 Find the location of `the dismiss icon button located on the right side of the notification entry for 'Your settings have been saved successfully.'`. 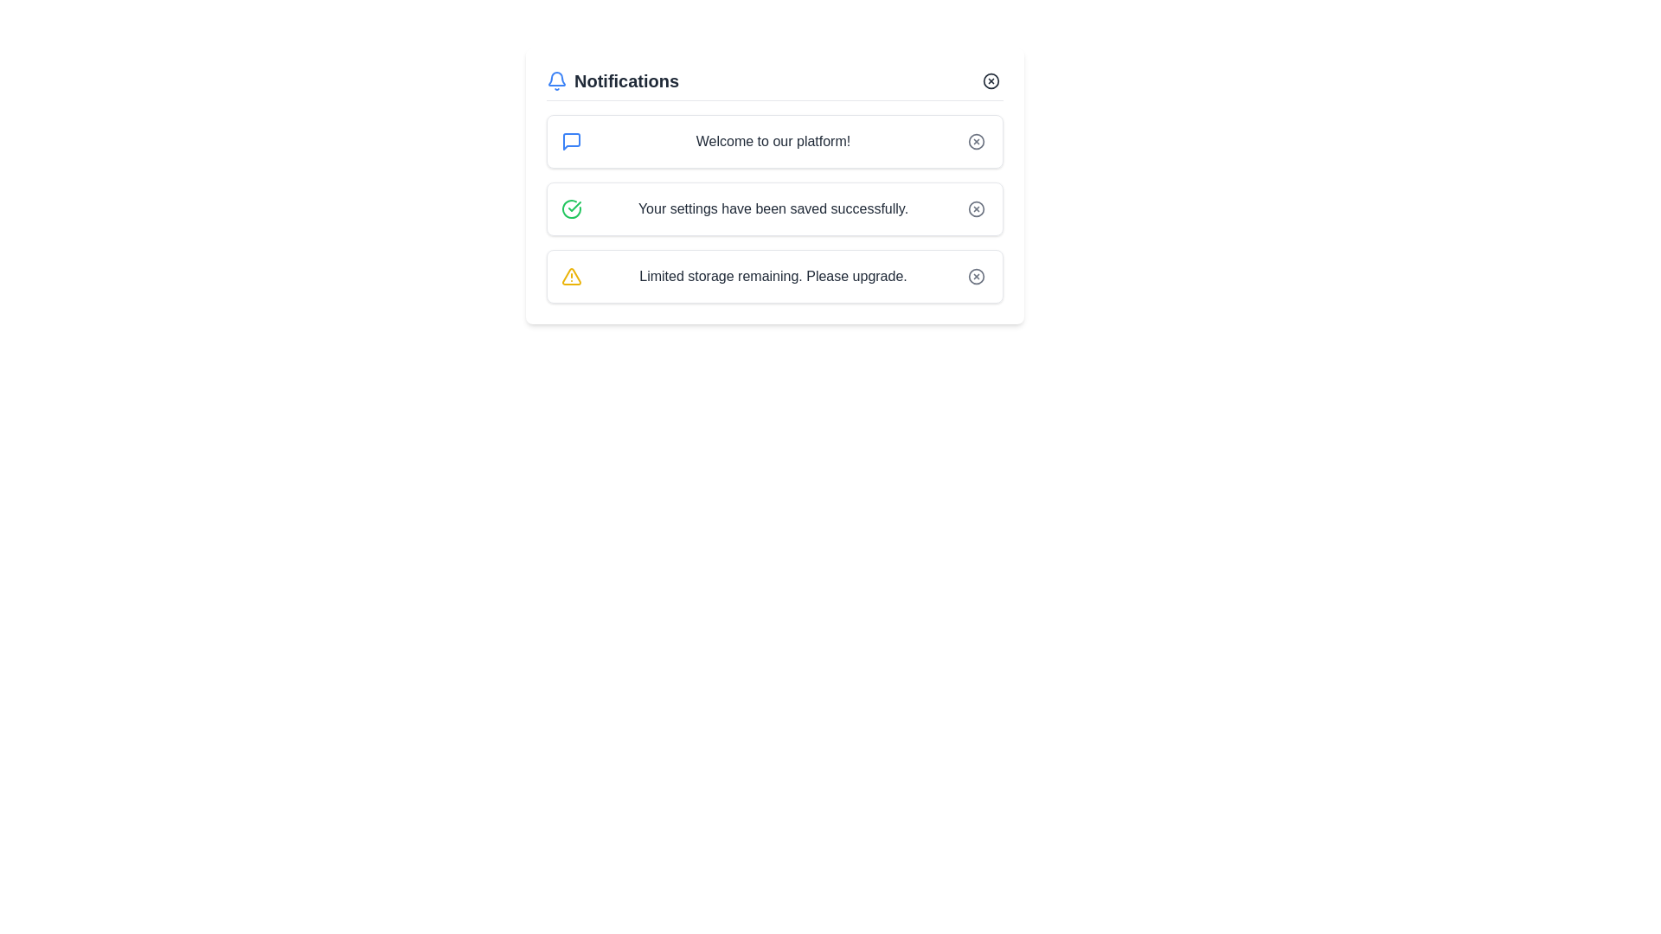

the dismiss icon button located on the right side of the notification entry for 'Your settings have been saved successfully.' is located at coordinates (976, 208).